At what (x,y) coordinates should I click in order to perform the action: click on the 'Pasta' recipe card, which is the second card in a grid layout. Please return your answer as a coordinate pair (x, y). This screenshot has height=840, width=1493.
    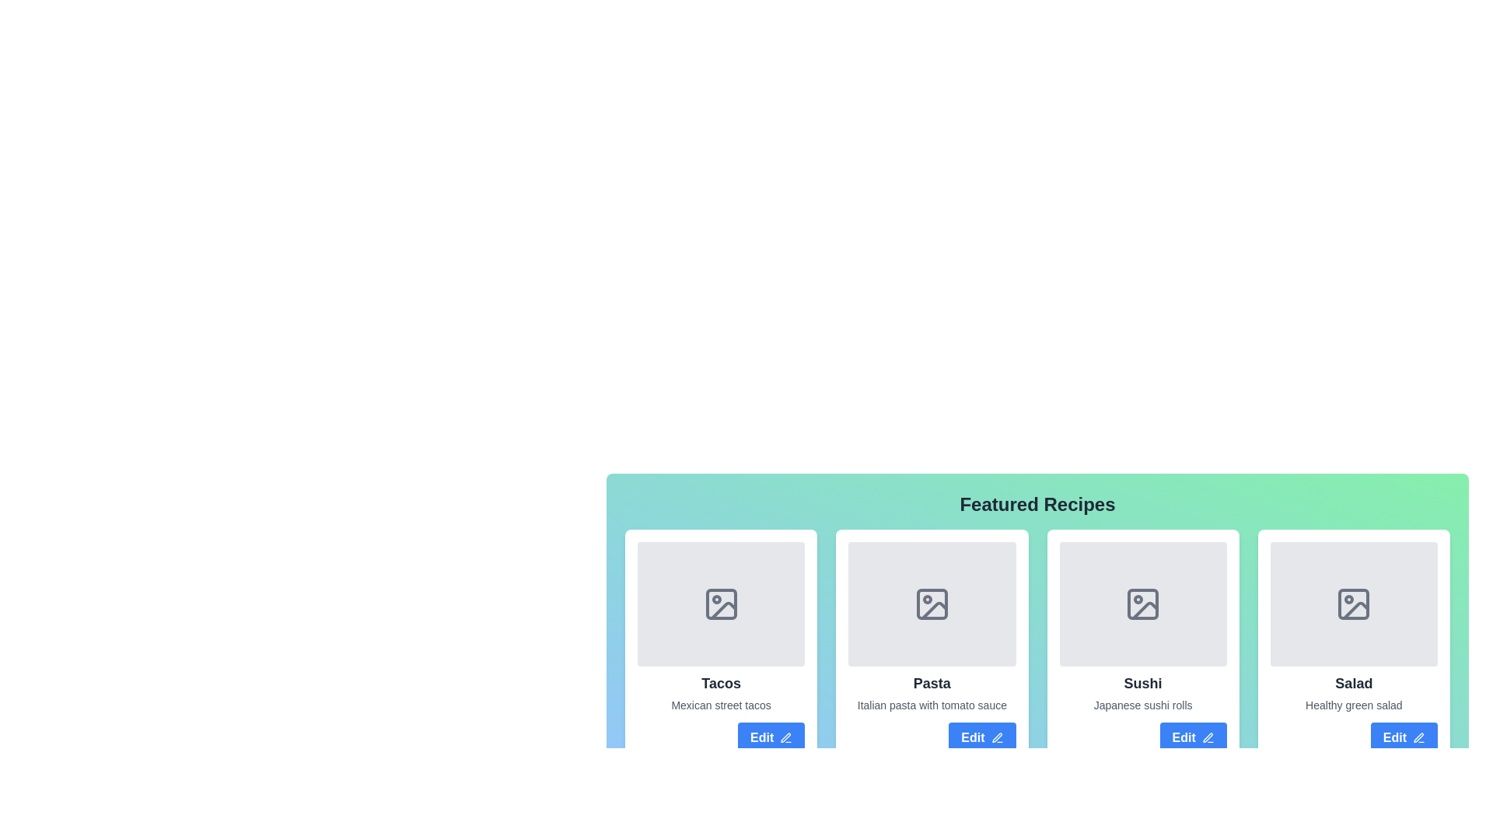
    Looking at the image, I should click on (932, 648).